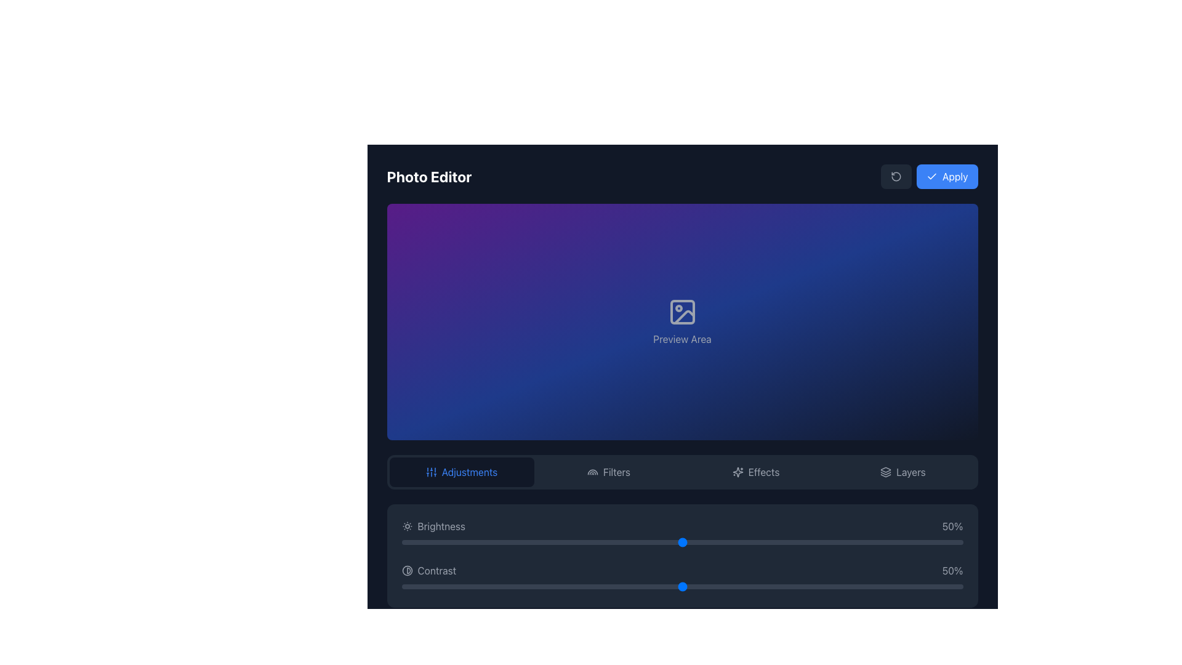 The height and width of the screenshot is (665, 1182). Describe the element at coordinates (952, 526) in the screenshot. I see `the text label displaying '50%' which indicates the current brightness level, styled in gray against a dark background, located to the far right of the brightness control group` at that location.